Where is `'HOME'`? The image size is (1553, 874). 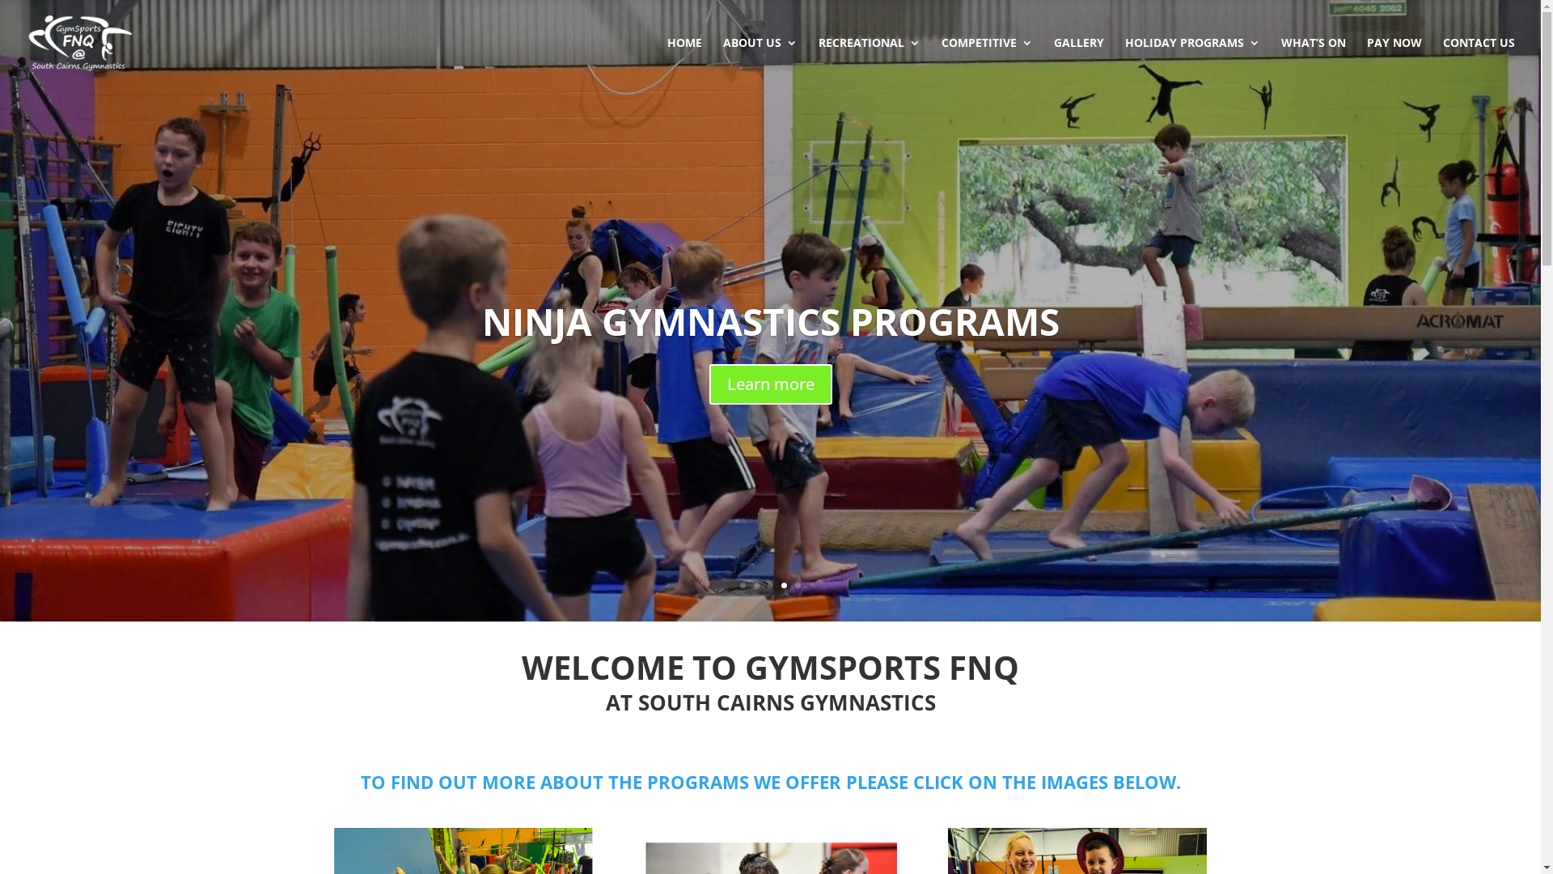
'HOME' is located at coordinates (684, 61).